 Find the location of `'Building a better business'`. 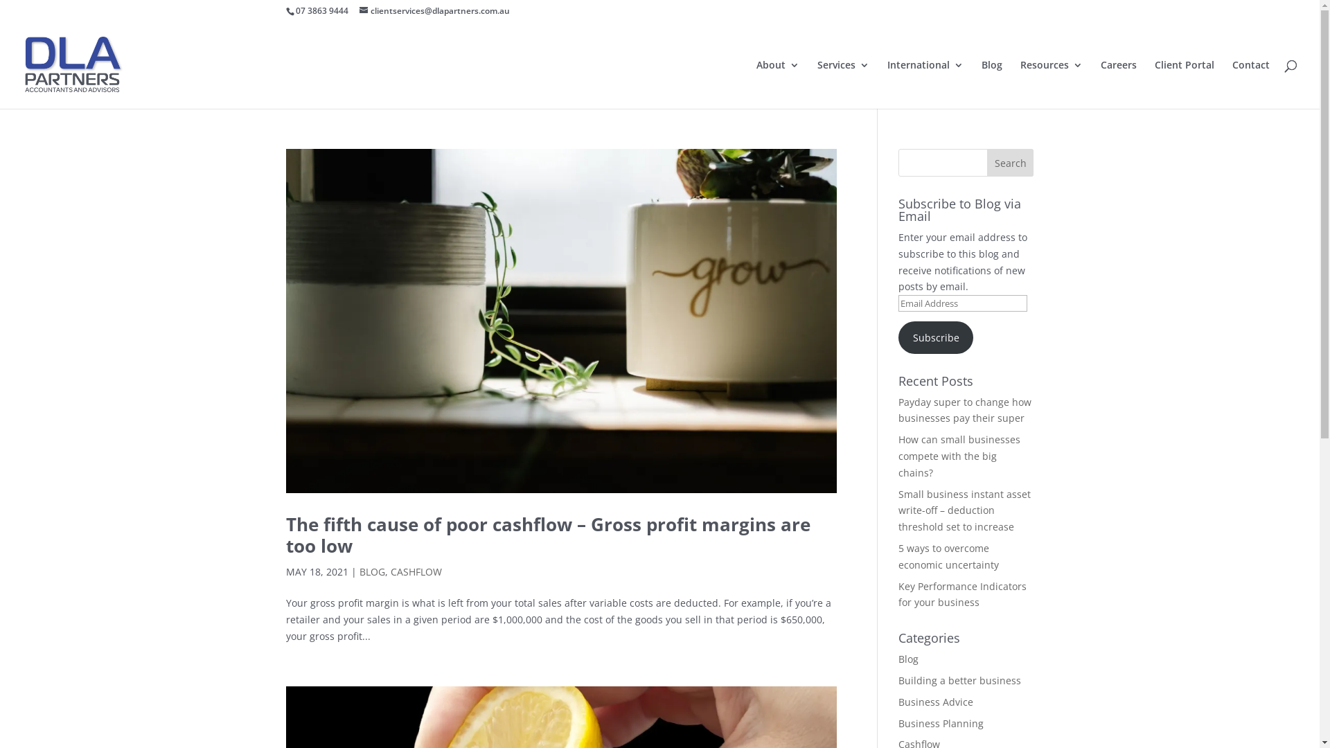

'Building a better business' is located at coordinates (959, 679).